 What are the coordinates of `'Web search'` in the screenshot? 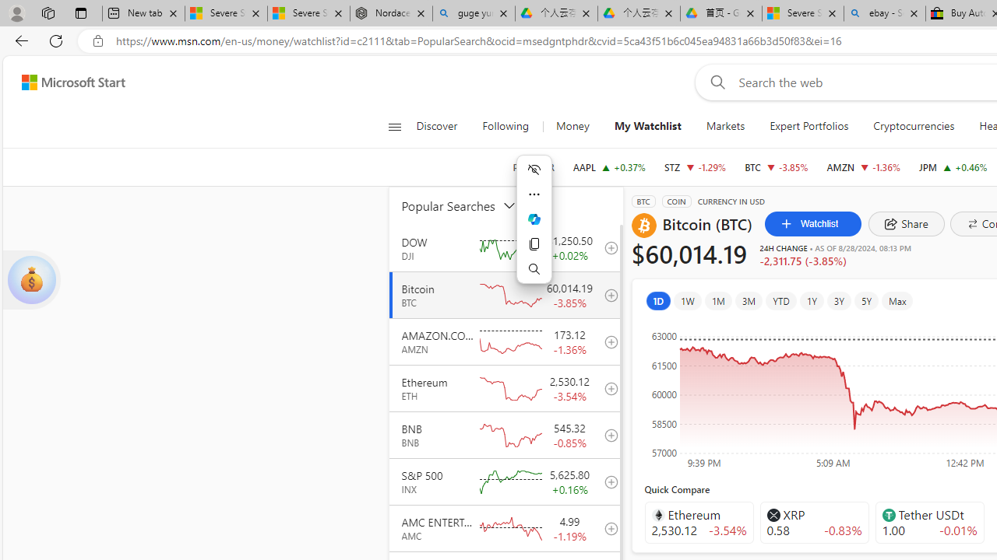 It's located at (713, 82).